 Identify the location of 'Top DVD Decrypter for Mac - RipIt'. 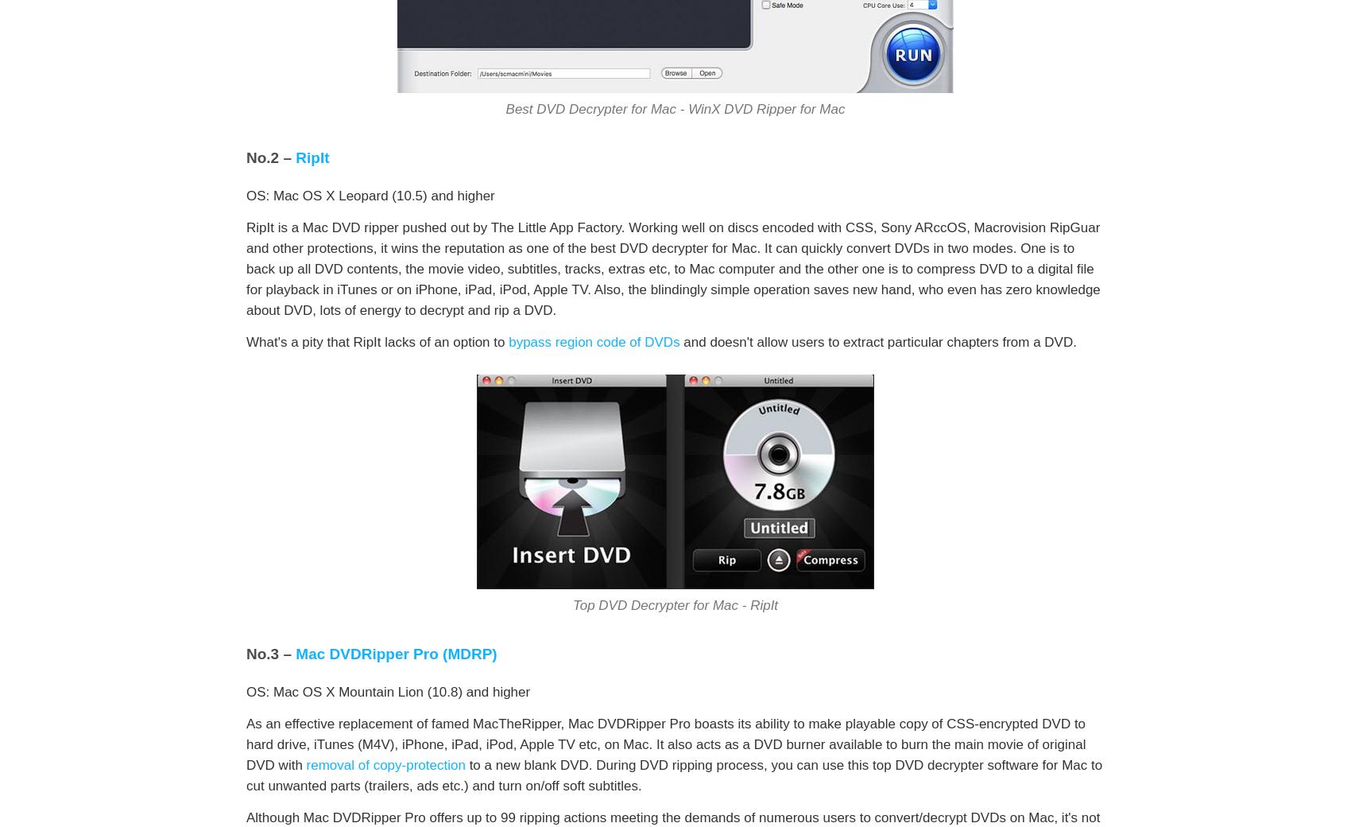
(674, 605).